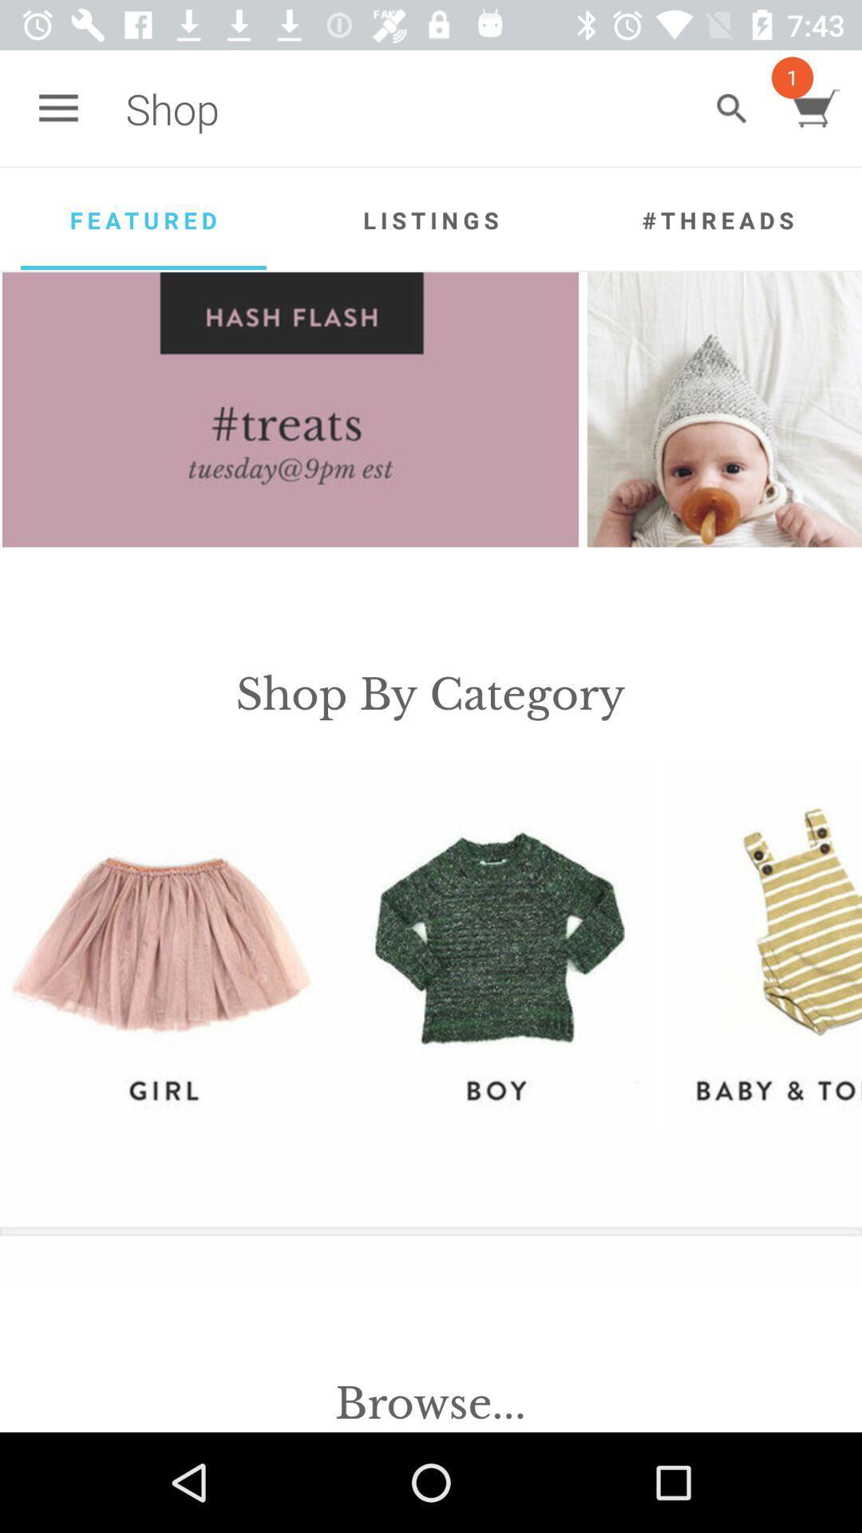  I want to click on icon to the right of the shop app, so click(731, 108).